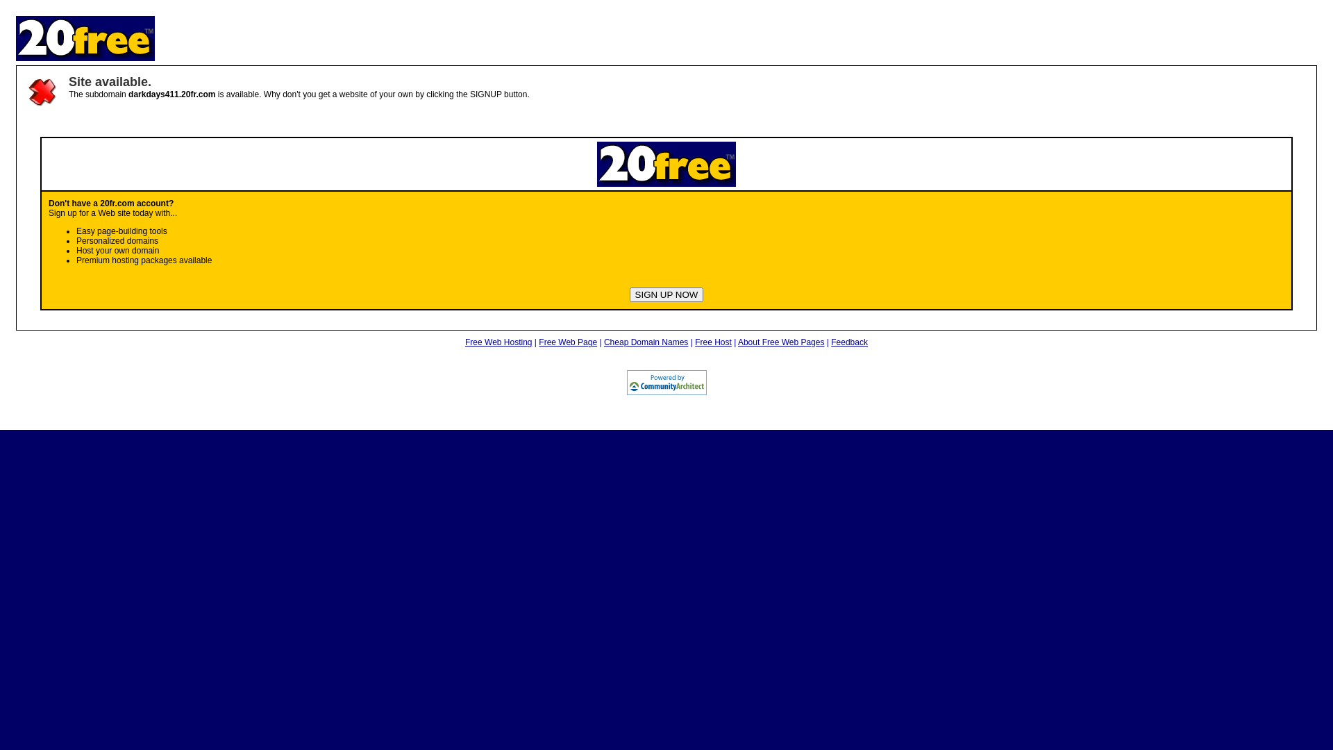 Image resolution: width=1333 pixels, height=750 pixels. What do you see at coordinates (498, 342) in the screenshot?
I see `'Free Web Hosting'` at bounding box center [498, 342].